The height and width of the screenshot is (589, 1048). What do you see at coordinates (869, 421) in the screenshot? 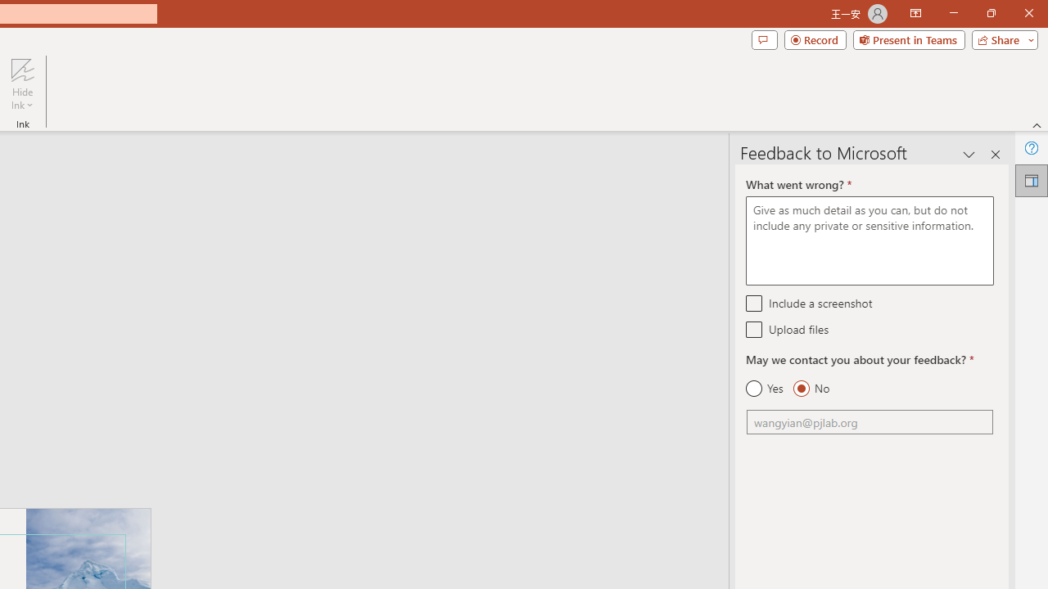
I see `'Email'` at bounding box center [869, 421].